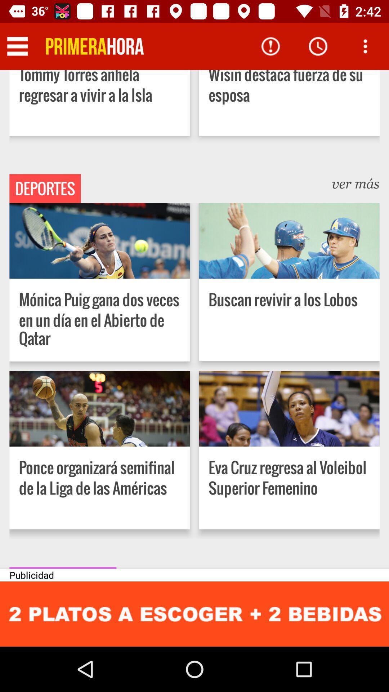  What do you see at coordinates (62, 567) in the screenshot?
I see `estilos de vida icon` at bounding box center [62, 567].